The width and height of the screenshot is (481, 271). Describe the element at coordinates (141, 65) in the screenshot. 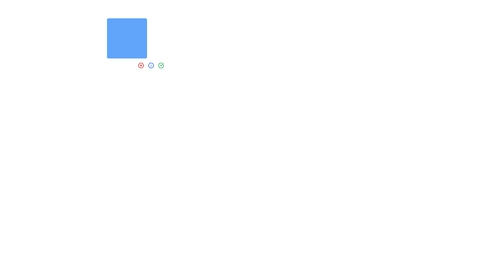

I see `the close or cancel action icon represented by an SVG graphic of a circle with a cross inside, which is the leftmost item in a horizontal row of icons` at that location.